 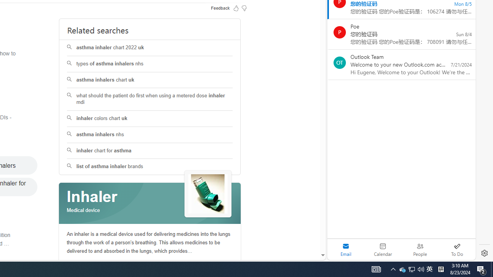 What do you see at coordinates (208, 194) in the screenshot?
I see `'See more images of Inhaler'` at bounding box center [208, 194].